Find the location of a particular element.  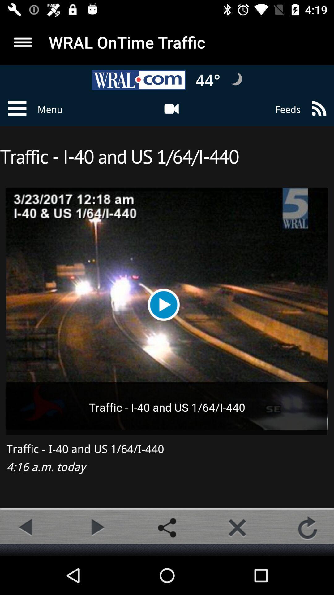

the share icon is located at coordinates (167, 527).